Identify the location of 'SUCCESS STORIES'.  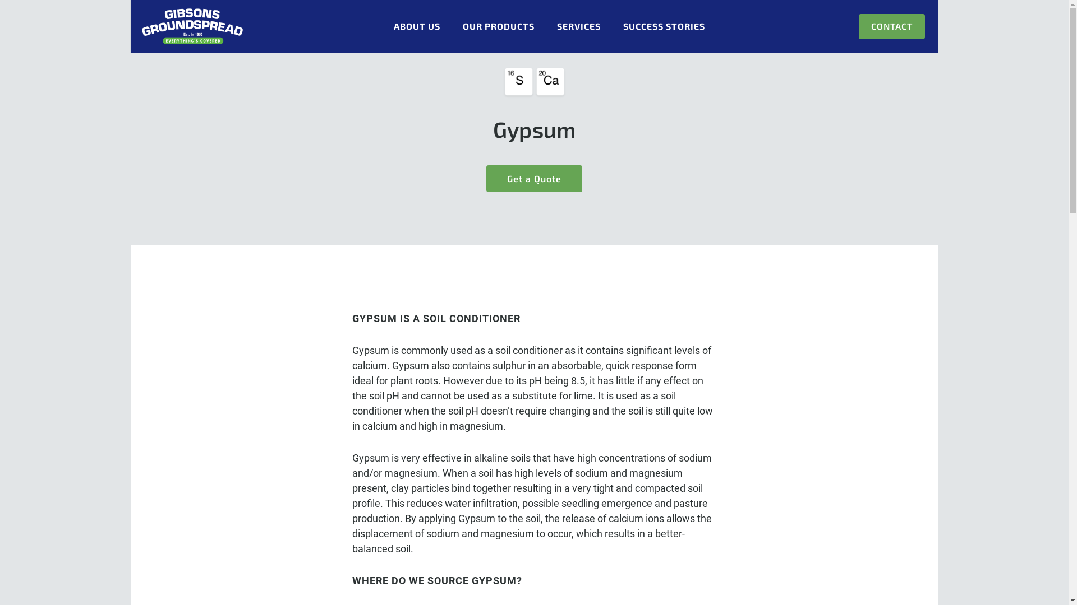
(622, 26).